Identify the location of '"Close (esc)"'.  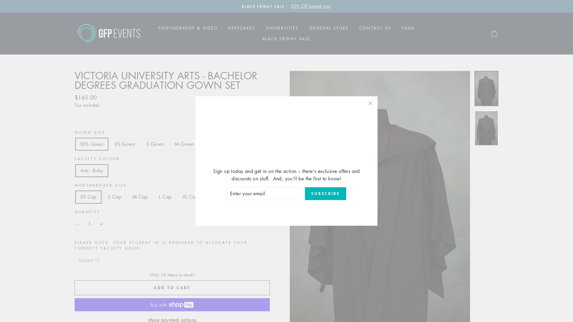
(370, 103).